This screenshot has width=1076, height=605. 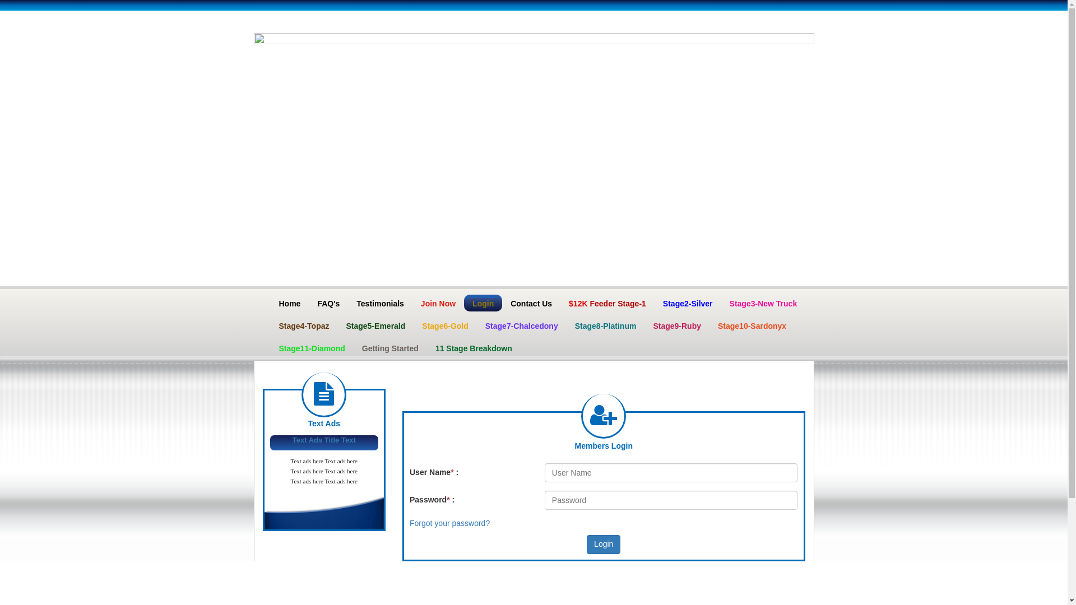 What do you see at coordinates (605, 325) in the screenshot?
I see `'Stage8-Platinum'` at bounding box center [605, 325].